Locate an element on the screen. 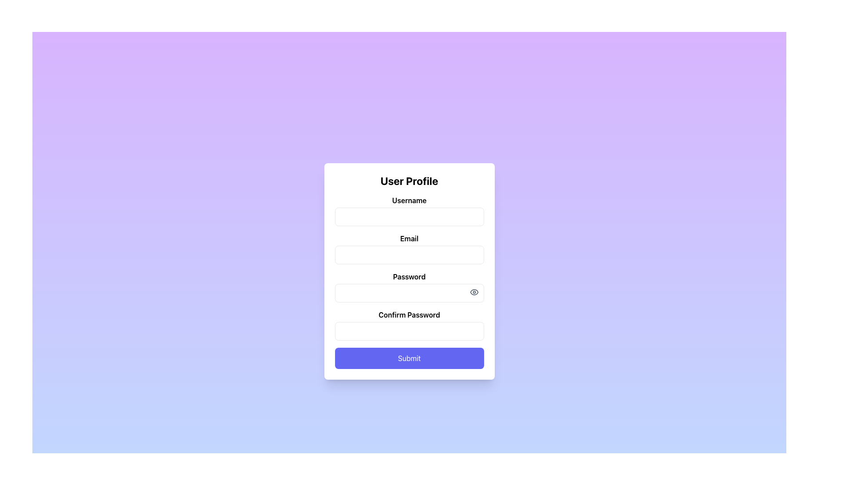 This screenshot has height=479, width=852. the username input field to focus, which is the first entry in the 'User Profile' form located above the 'Email' input field is located at coordinates (409, 210).